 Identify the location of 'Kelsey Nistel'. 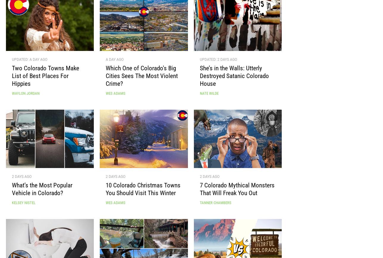
(24, 205).